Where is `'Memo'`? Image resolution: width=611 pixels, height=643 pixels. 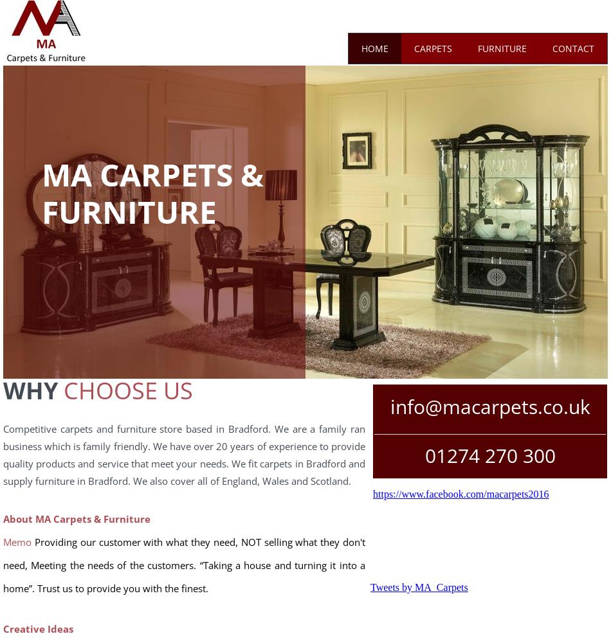
'Memo' is located at coordinates (17, 541).